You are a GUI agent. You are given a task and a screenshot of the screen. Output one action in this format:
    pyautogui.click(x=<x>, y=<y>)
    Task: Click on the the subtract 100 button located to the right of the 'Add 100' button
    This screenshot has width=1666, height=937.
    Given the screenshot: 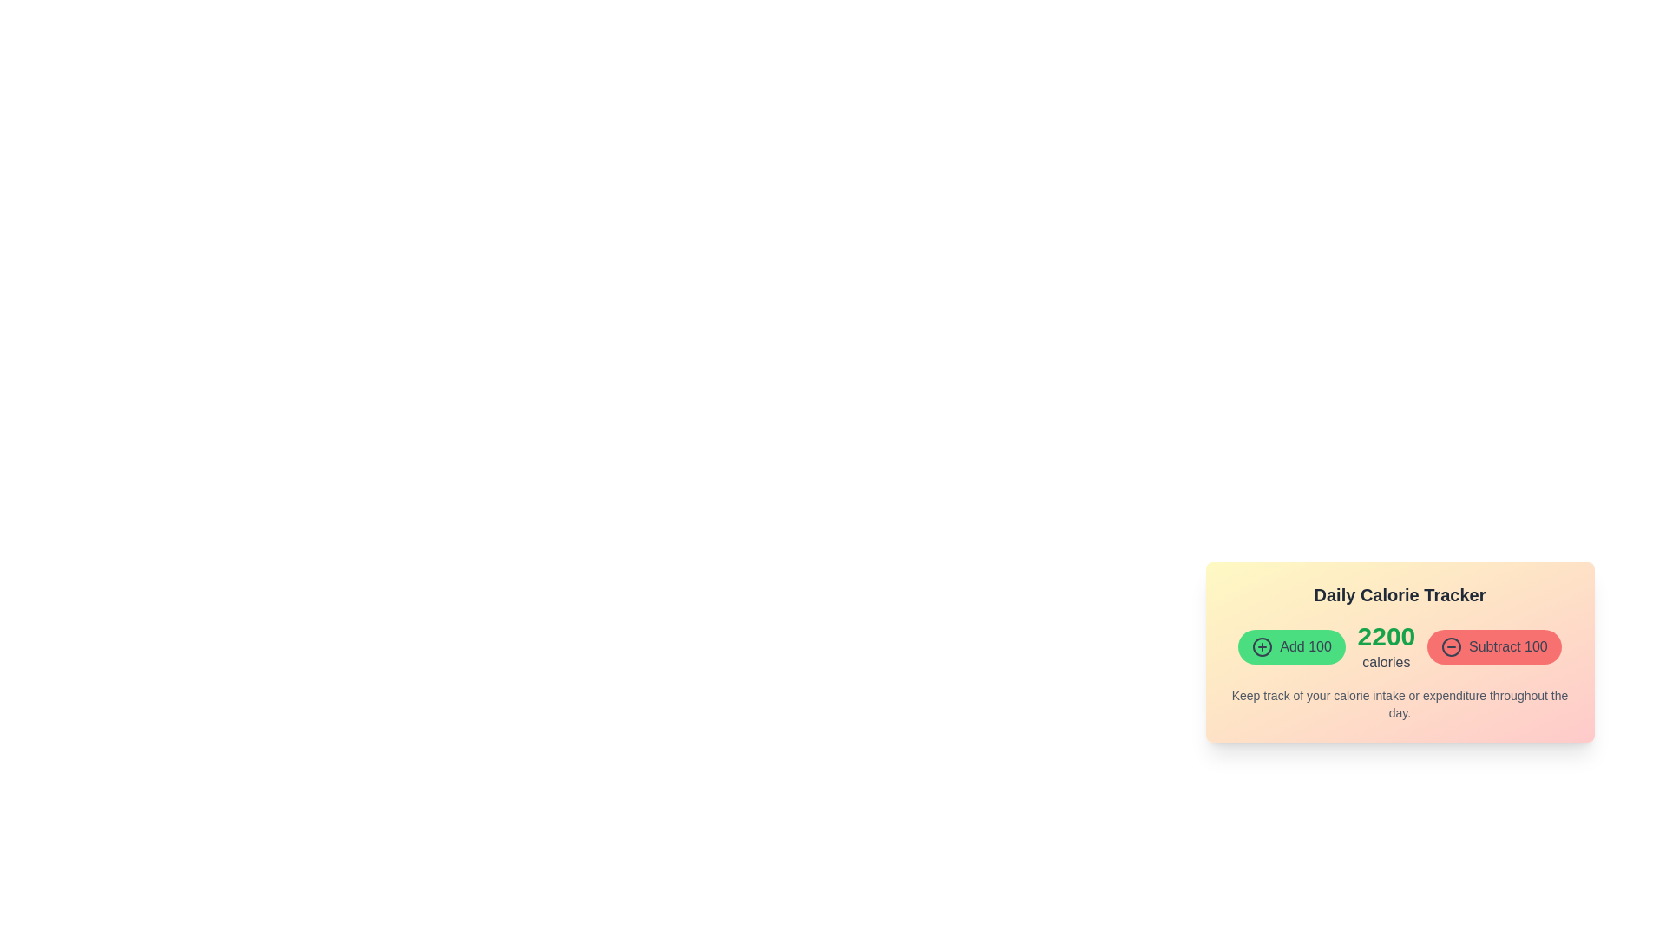 What is the action you would take?
    pyautogui.click(x=1493, y=646)
    